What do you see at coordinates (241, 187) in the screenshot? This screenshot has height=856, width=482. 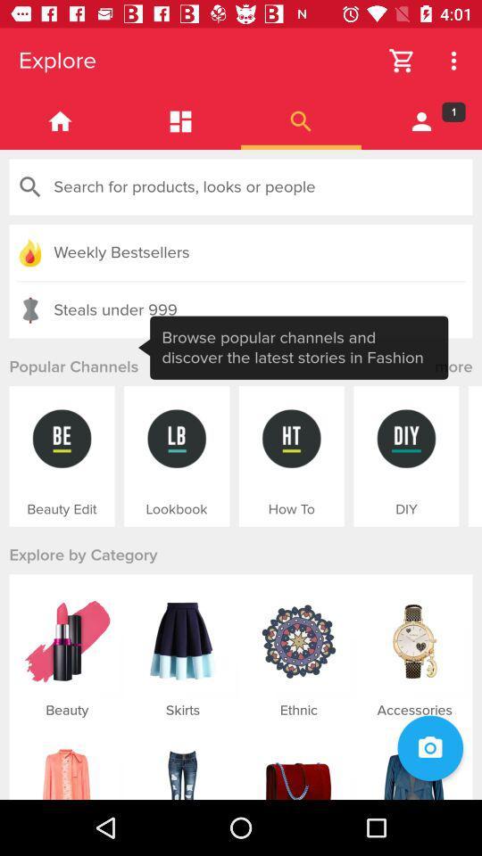 I see `search products looks or people` at bounding box center [241, 187].